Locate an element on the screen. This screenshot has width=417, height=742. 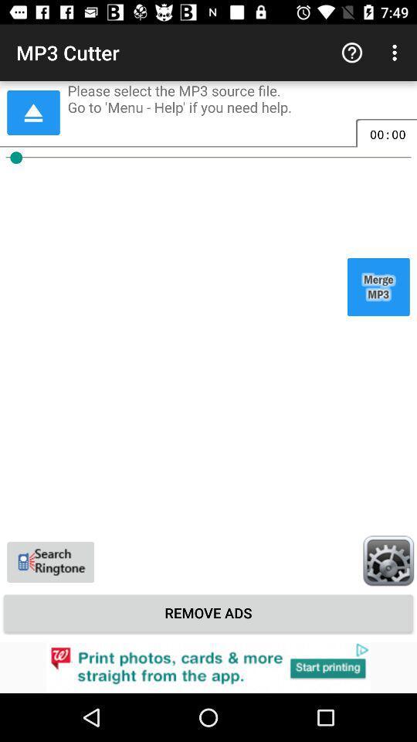
visualizar anncio is located at coordinates (208, 667).